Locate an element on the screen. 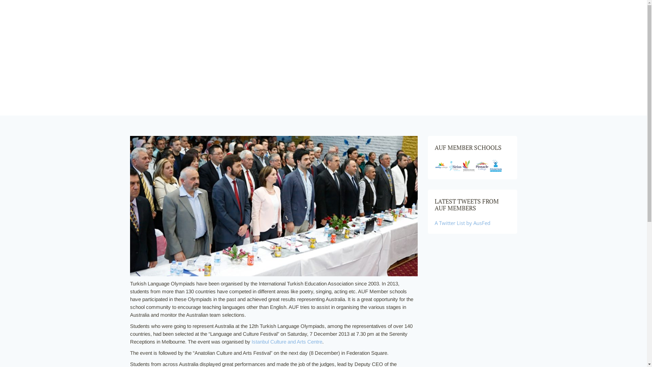  'Istanbul Culture and Arts Centre' is located at coordinates (287, 342).